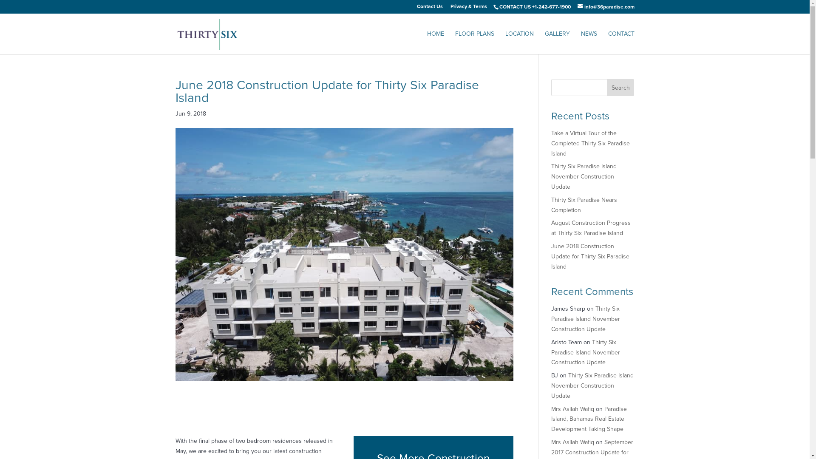  I want to click on 'June 2018 Construction Update for Thirty Six Paradise Island', so click(589, 256).